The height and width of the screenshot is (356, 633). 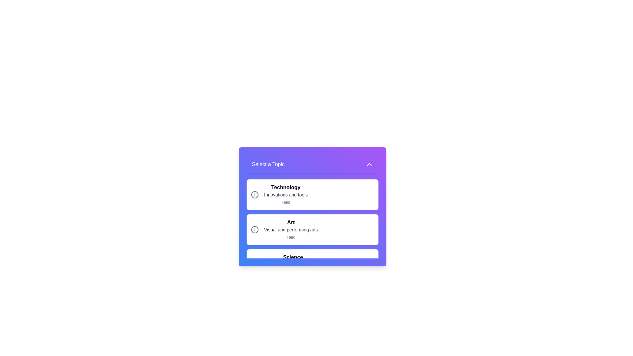 I want to click on the static text element that reads 'Visual and performing arts', which is styled in gray and positioned under the 'Art' header, so click(x=290, y=229).